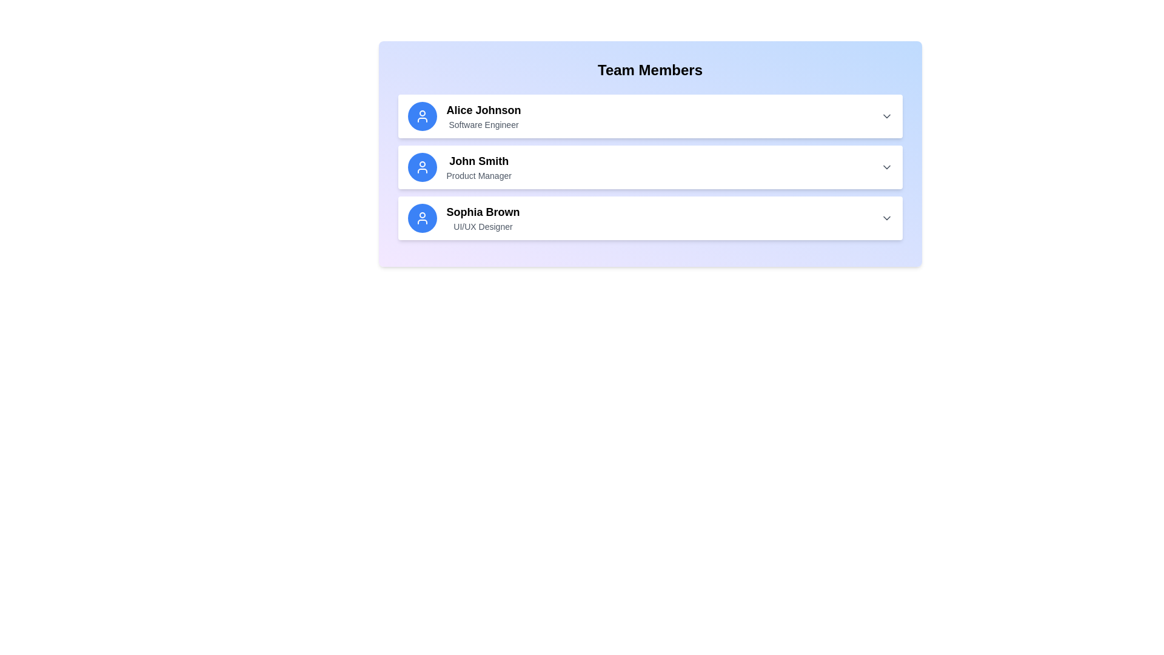 Image resolution: width=1164 pixels, height=655 pixels. I want to click on the user avatar icon, which is a circular icon with a blue background and a white user symbol, located to the left of the text 'Sophia Brown UI/UX Designer', so click(422, 217).